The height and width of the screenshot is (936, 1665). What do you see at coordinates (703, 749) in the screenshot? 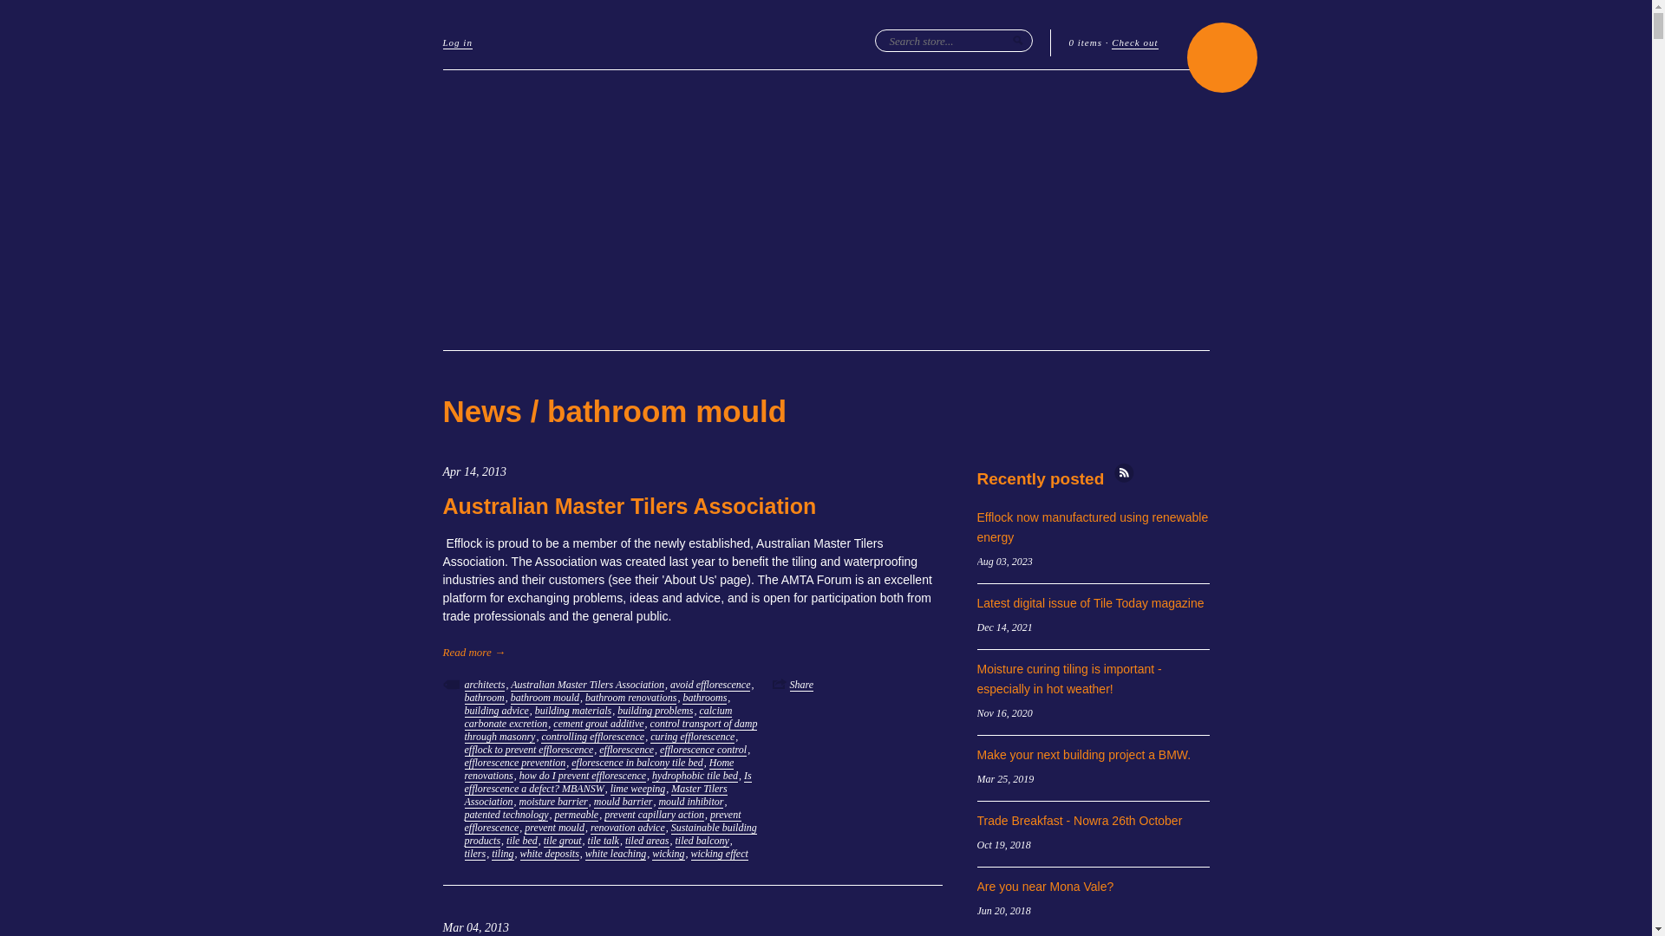
I see `'efflorescence control'` at bounding box center [703, 749].